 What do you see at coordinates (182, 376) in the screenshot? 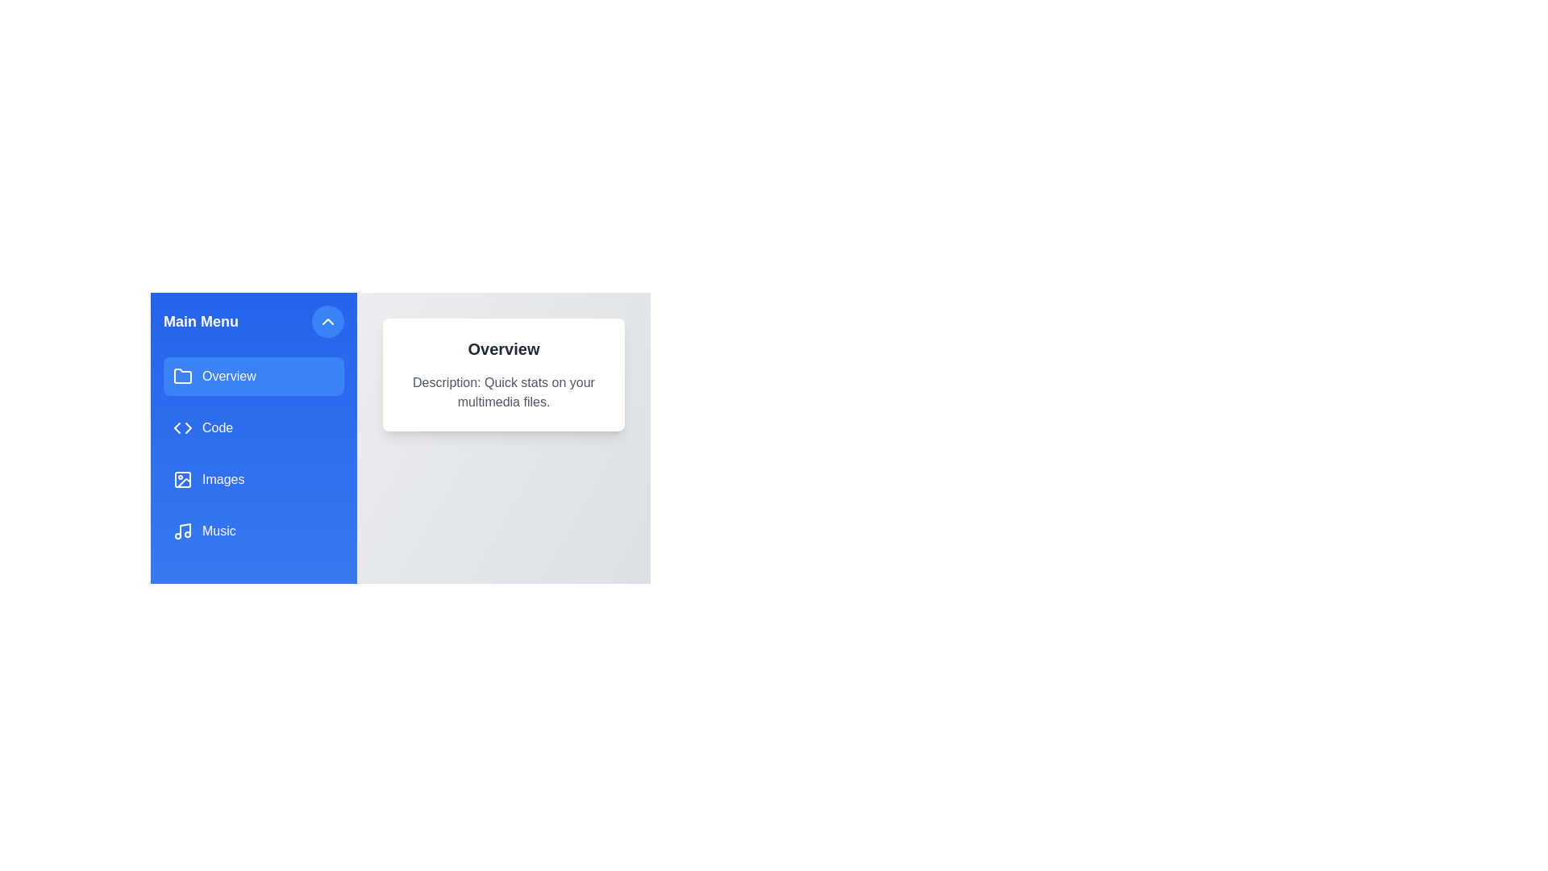
I see `the folder-shaped SVG icon with a blue background located in the 'Overview' menu item, positioned before the text label 'Overview'` at bounding box center [182, 376].